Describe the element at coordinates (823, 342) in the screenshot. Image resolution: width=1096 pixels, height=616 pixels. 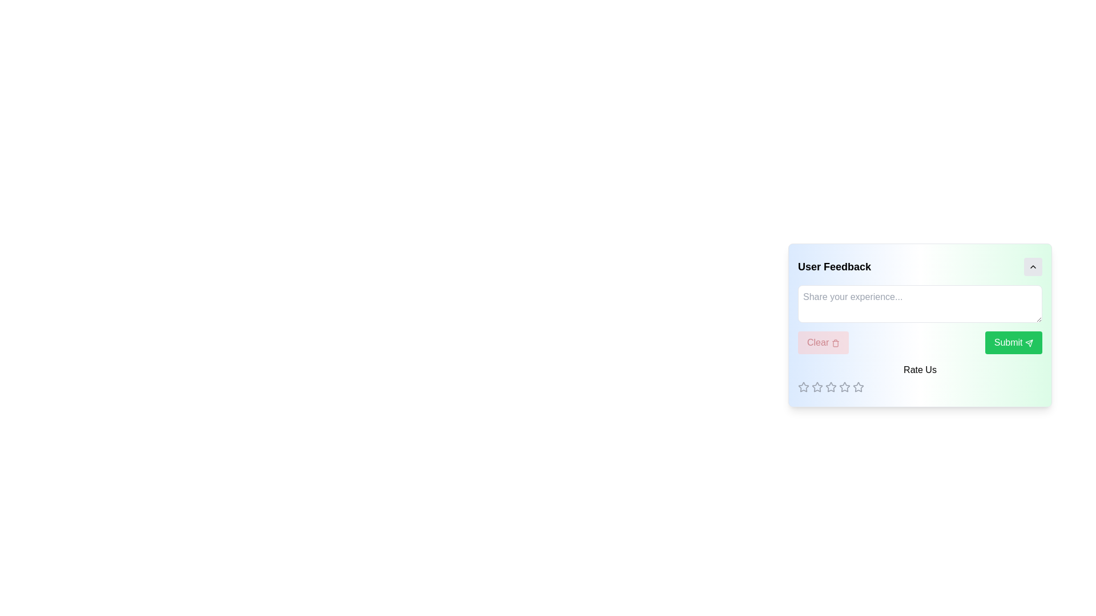
I see `the 'Clear' button, which has a soft red background, rounded corners, and displays the text 'Clear' with a trash icon to the right` at that location.